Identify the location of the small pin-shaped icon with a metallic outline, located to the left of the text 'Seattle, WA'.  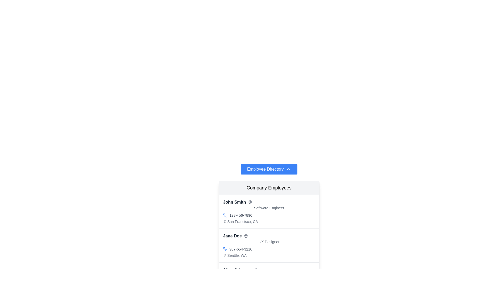
(224, 255).